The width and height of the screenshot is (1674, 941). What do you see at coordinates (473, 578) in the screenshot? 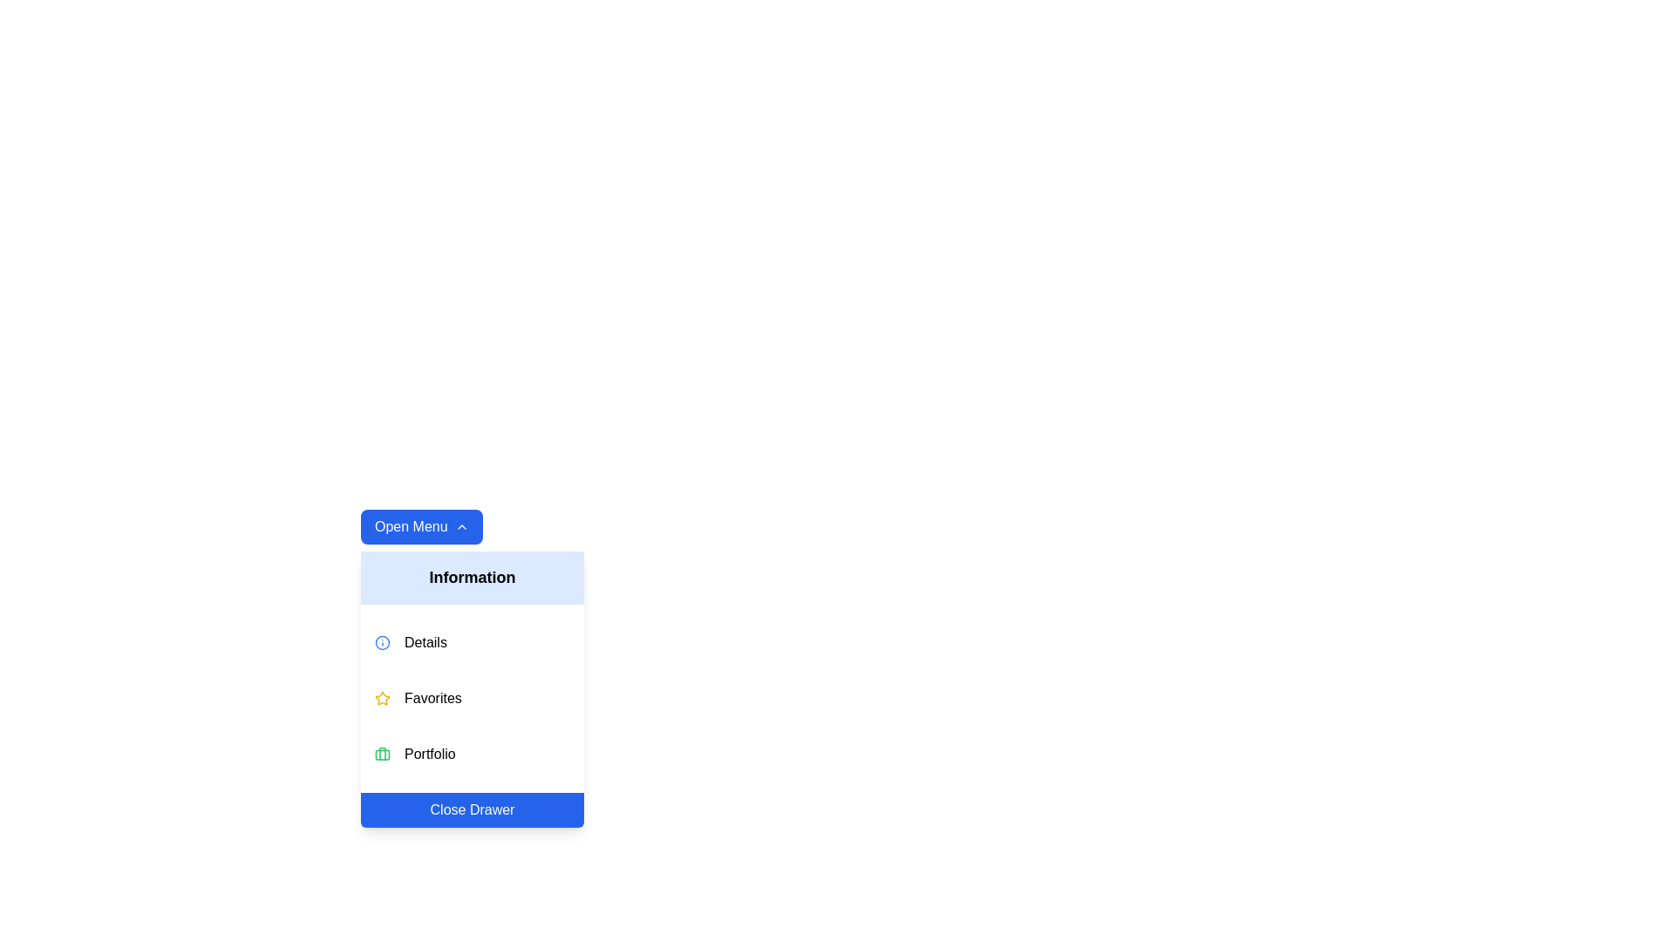
I see `the Text label that serves as a heading for the dropdown menu, positioned directly under the 'Open Menu' button` at bounding box center [473, 578].